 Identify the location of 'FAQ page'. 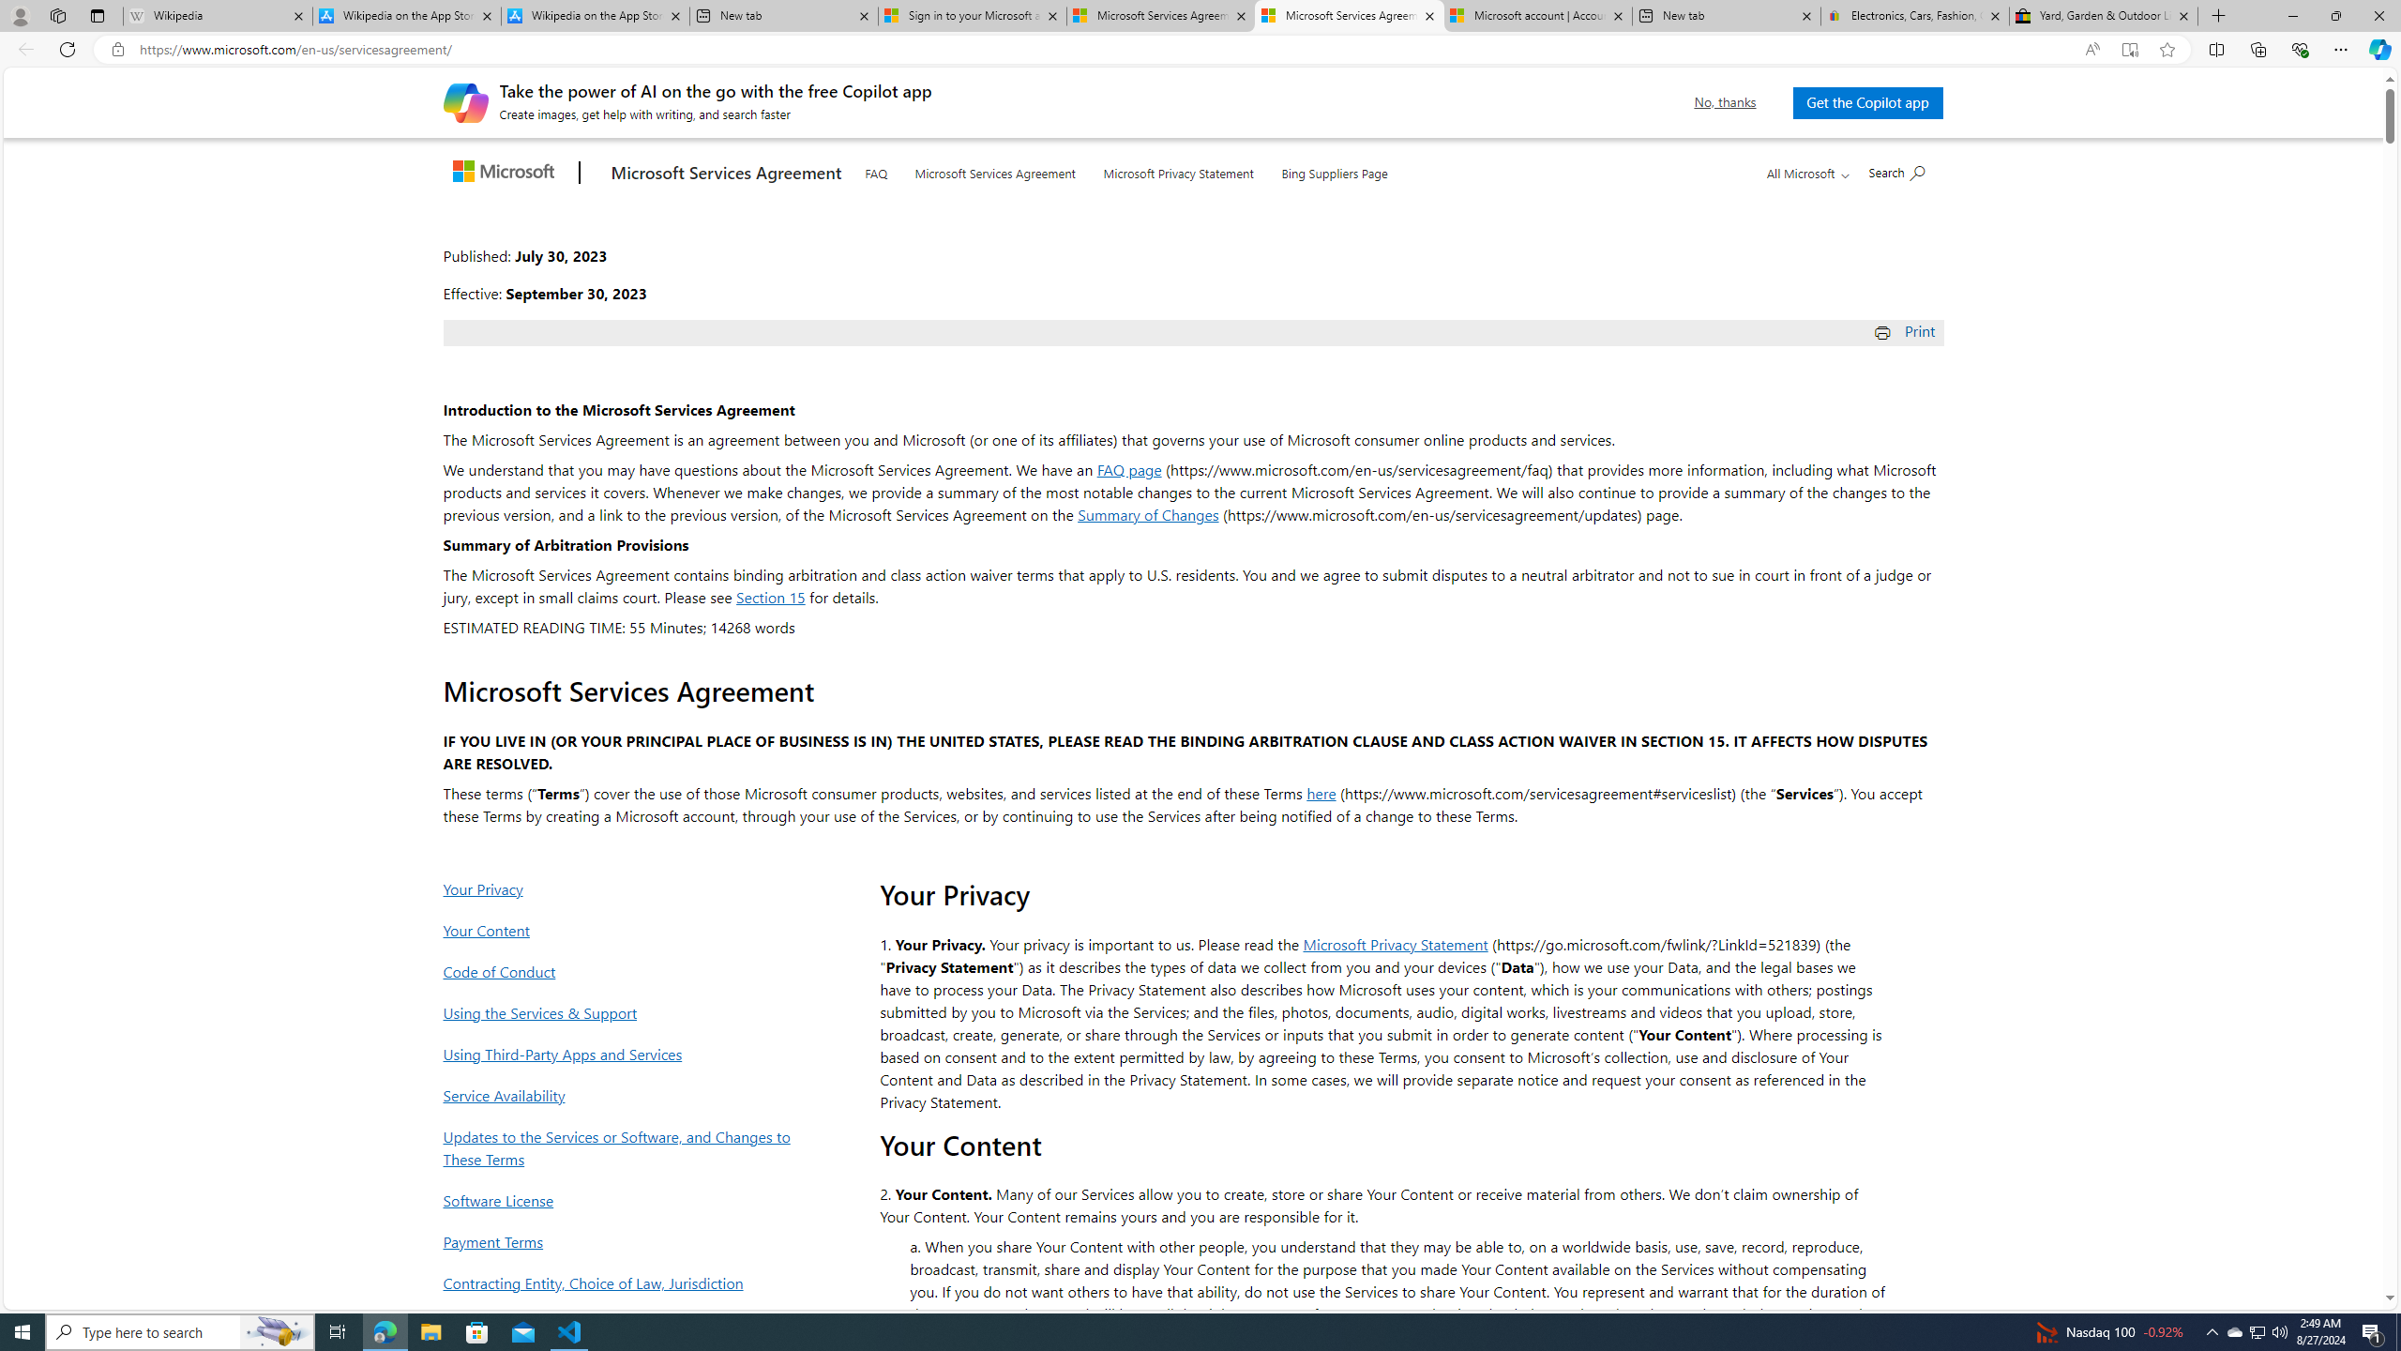
(1128, 468).